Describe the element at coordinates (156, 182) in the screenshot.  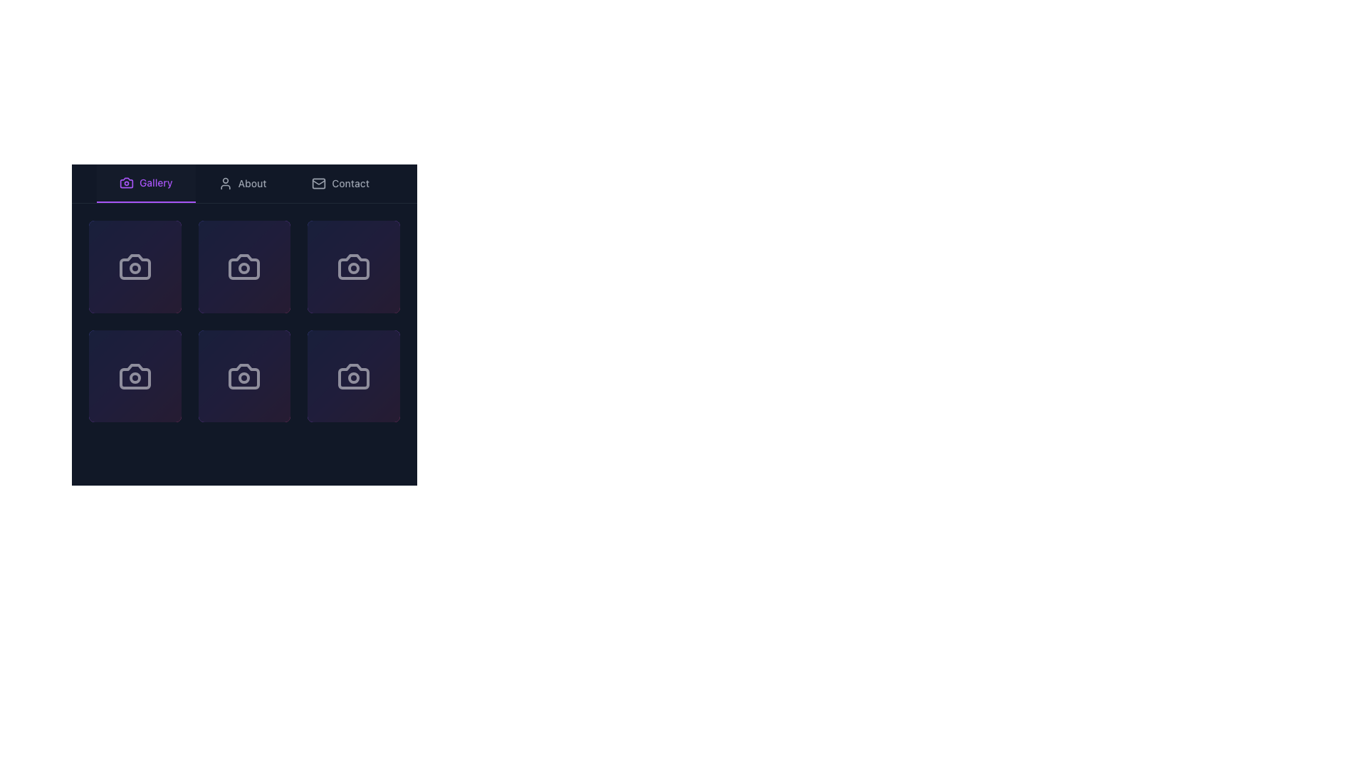
I see `active purple text label displaying 'Gallery' located in the navigation bar between the camera icon and the 'About' option` at that location.